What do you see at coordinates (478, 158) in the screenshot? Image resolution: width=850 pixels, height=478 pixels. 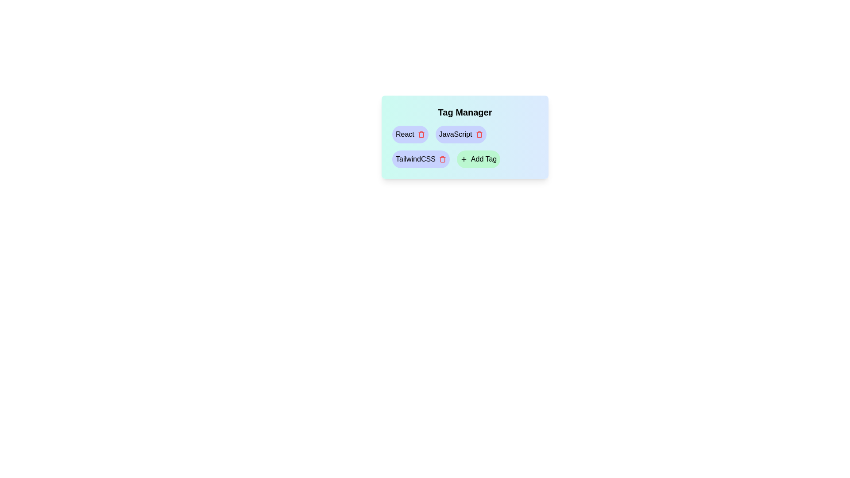 I see `the Add Tag Button to observe the hover effect` at bounding box center [478, 158].